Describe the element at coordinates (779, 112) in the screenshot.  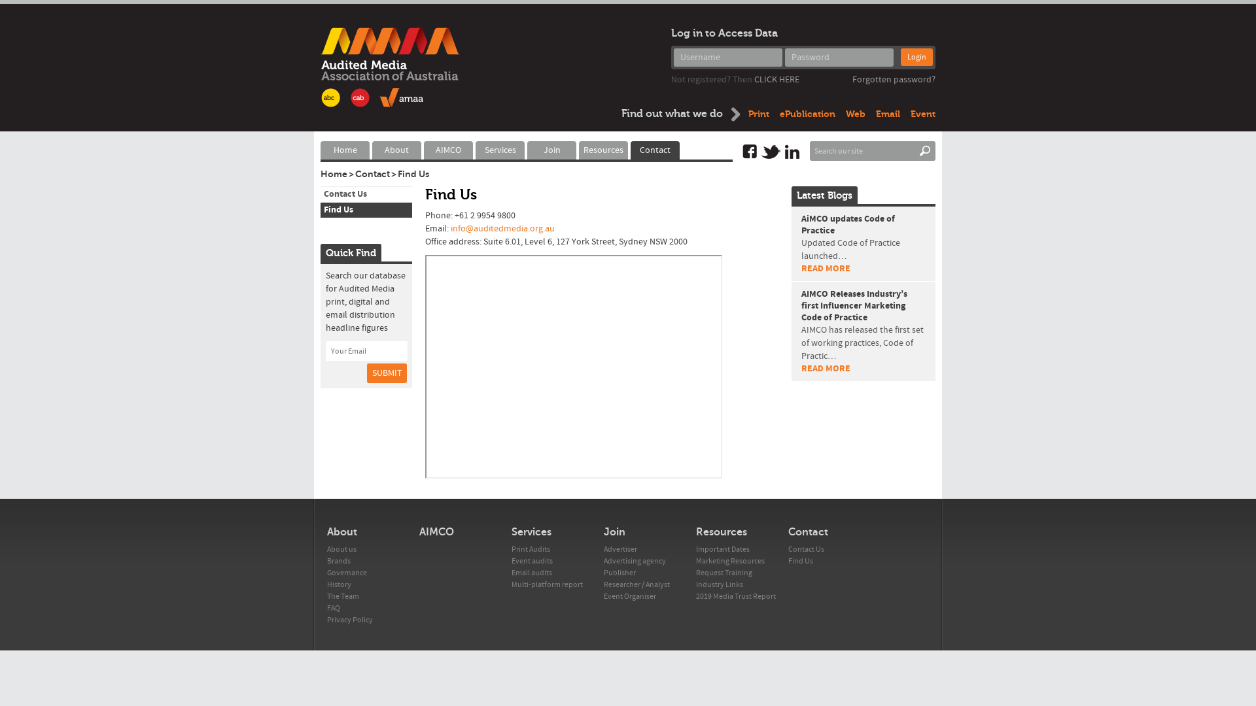
I see `'ePublication'` at that location.